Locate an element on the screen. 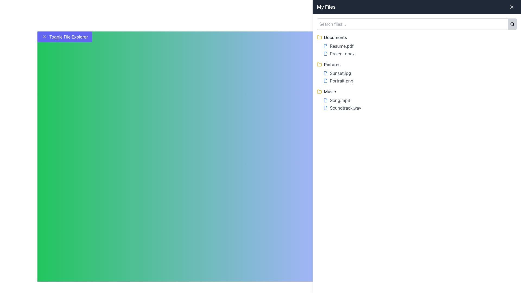  the document icon styled in blue, located next to the filename 'Sunset.jpg' in the 'Pictures' folder is located at coordinates (326, 73).